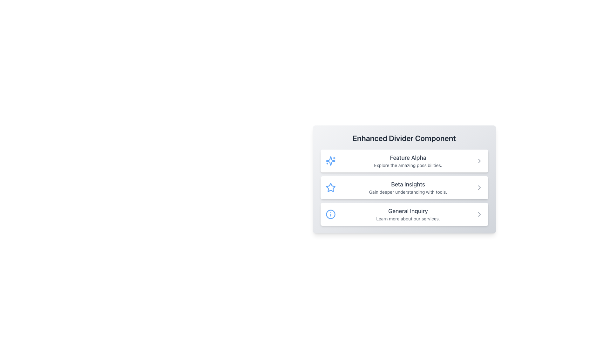 The height and width of the screenshot is (343, 610). I want to click on the small right-pointing chevron icon, which is gray in color and located to the right of the 'Feature Alpha' text label in the Enhanced Divider Component section, so click(479, 160).